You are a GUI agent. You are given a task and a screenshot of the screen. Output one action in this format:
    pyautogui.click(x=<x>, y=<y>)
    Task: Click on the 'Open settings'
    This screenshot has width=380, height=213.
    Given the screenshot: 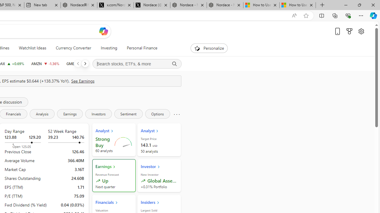 What is the action you would take?
    pyautogui.click(x=361, y=31)
    